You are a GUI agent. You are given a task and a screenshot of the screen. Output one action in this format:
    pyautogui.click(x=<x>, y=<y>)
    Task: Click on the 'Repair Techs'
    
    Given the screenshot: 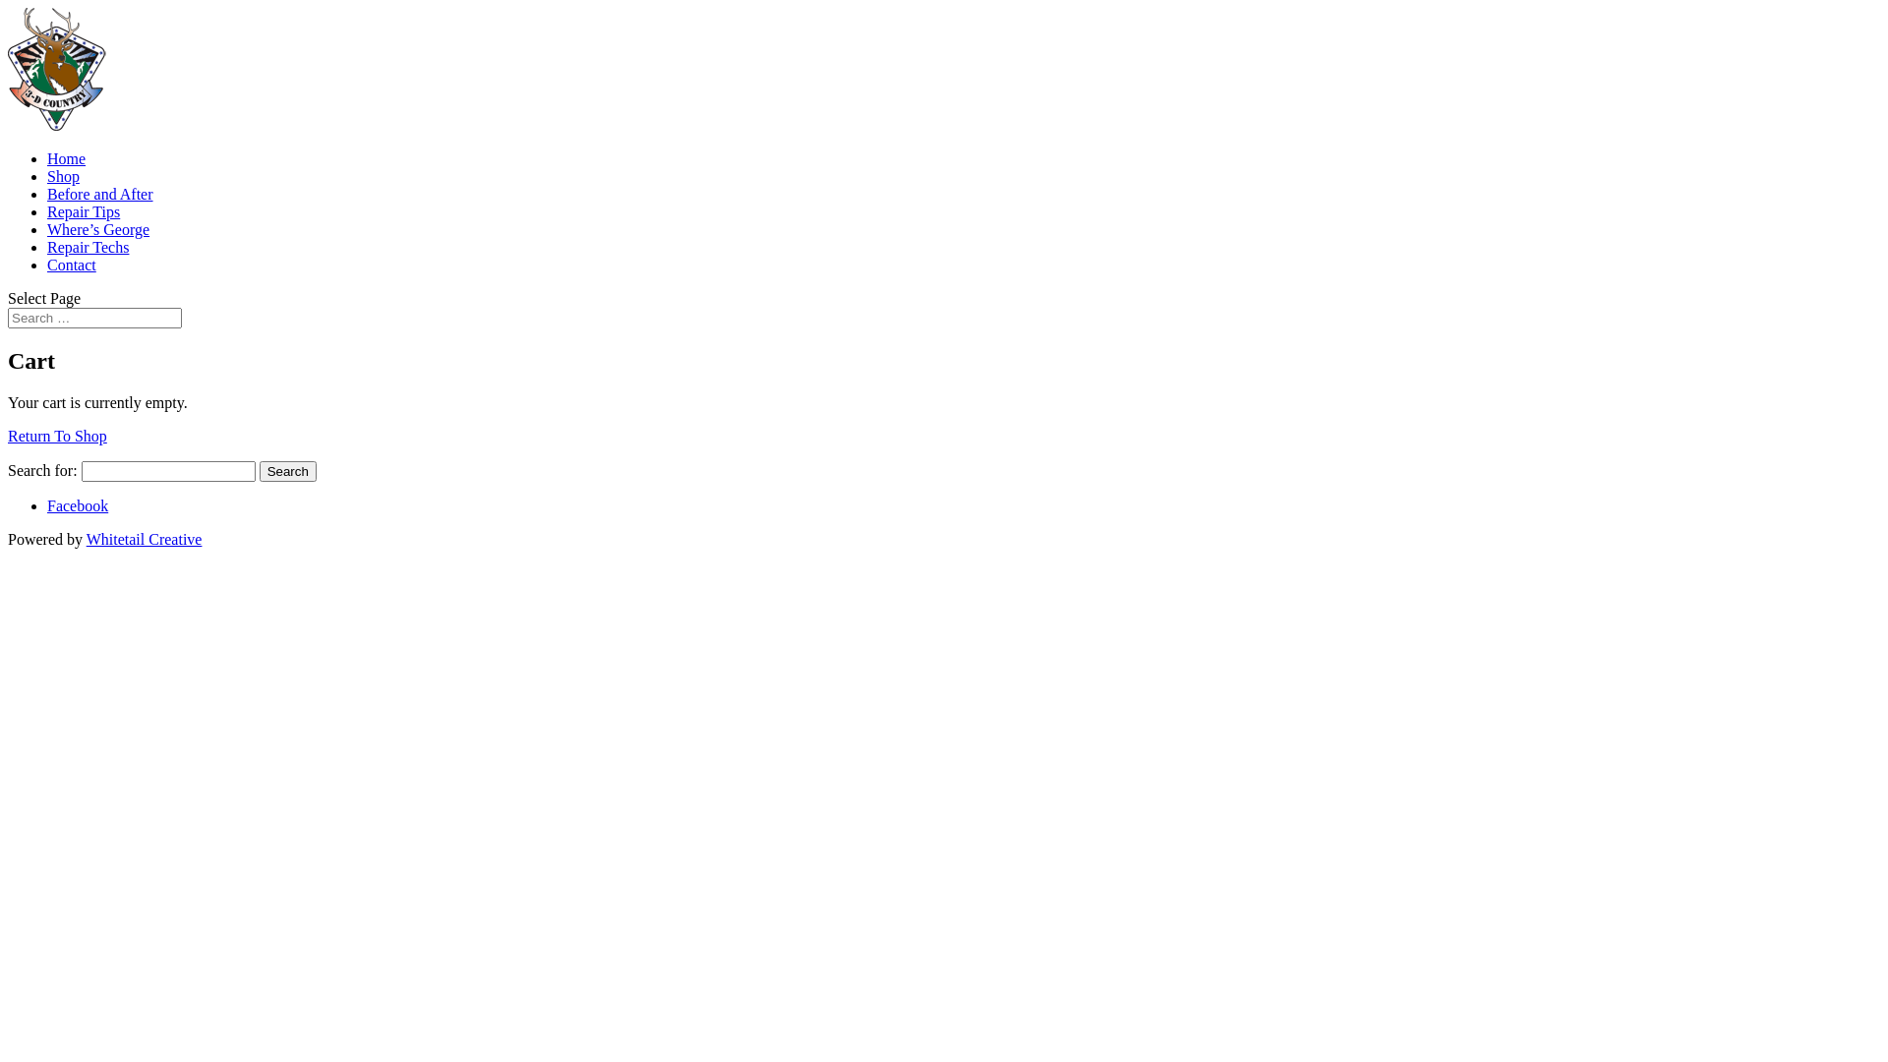 What is the action you would take?
    pyautogui.click(x=87, y=246)
    